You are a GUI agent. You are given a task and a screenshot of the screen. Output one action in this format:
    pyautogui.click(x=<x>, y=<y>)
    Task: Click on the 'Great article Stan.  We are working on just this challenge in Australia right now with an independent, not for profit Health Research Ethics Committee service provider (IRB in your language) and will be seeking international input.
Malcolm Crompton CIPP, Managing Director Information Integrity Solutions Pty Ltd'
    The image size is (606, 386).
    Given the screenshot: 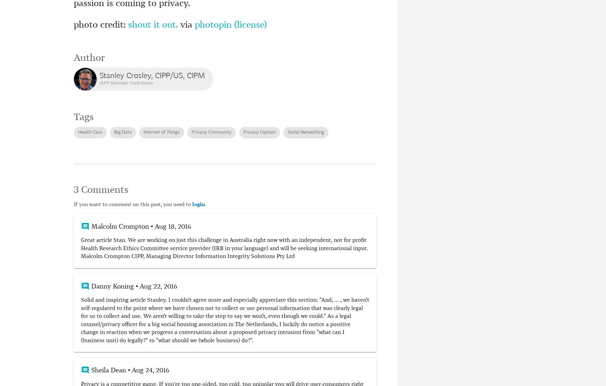 What is the action you would take?
    pyautogui.click(x=224, y=248)
    